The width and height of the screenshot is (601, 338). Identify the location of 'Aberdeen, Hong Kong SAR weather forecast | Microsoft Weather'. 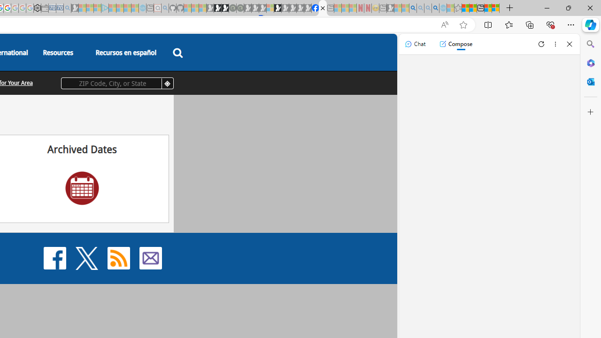
(473, 8).